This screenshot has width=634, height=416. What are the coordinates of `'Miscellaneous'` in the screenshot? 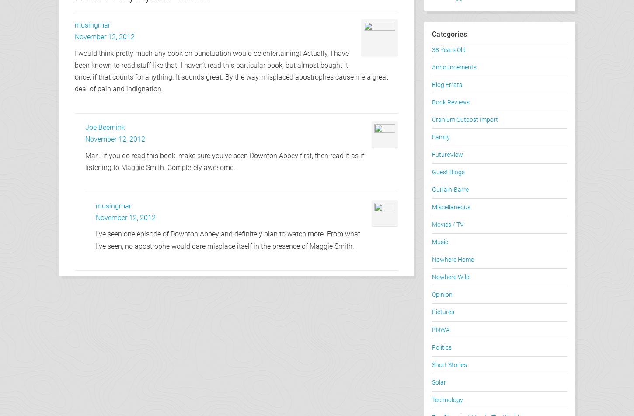 It's located at (451, 207).